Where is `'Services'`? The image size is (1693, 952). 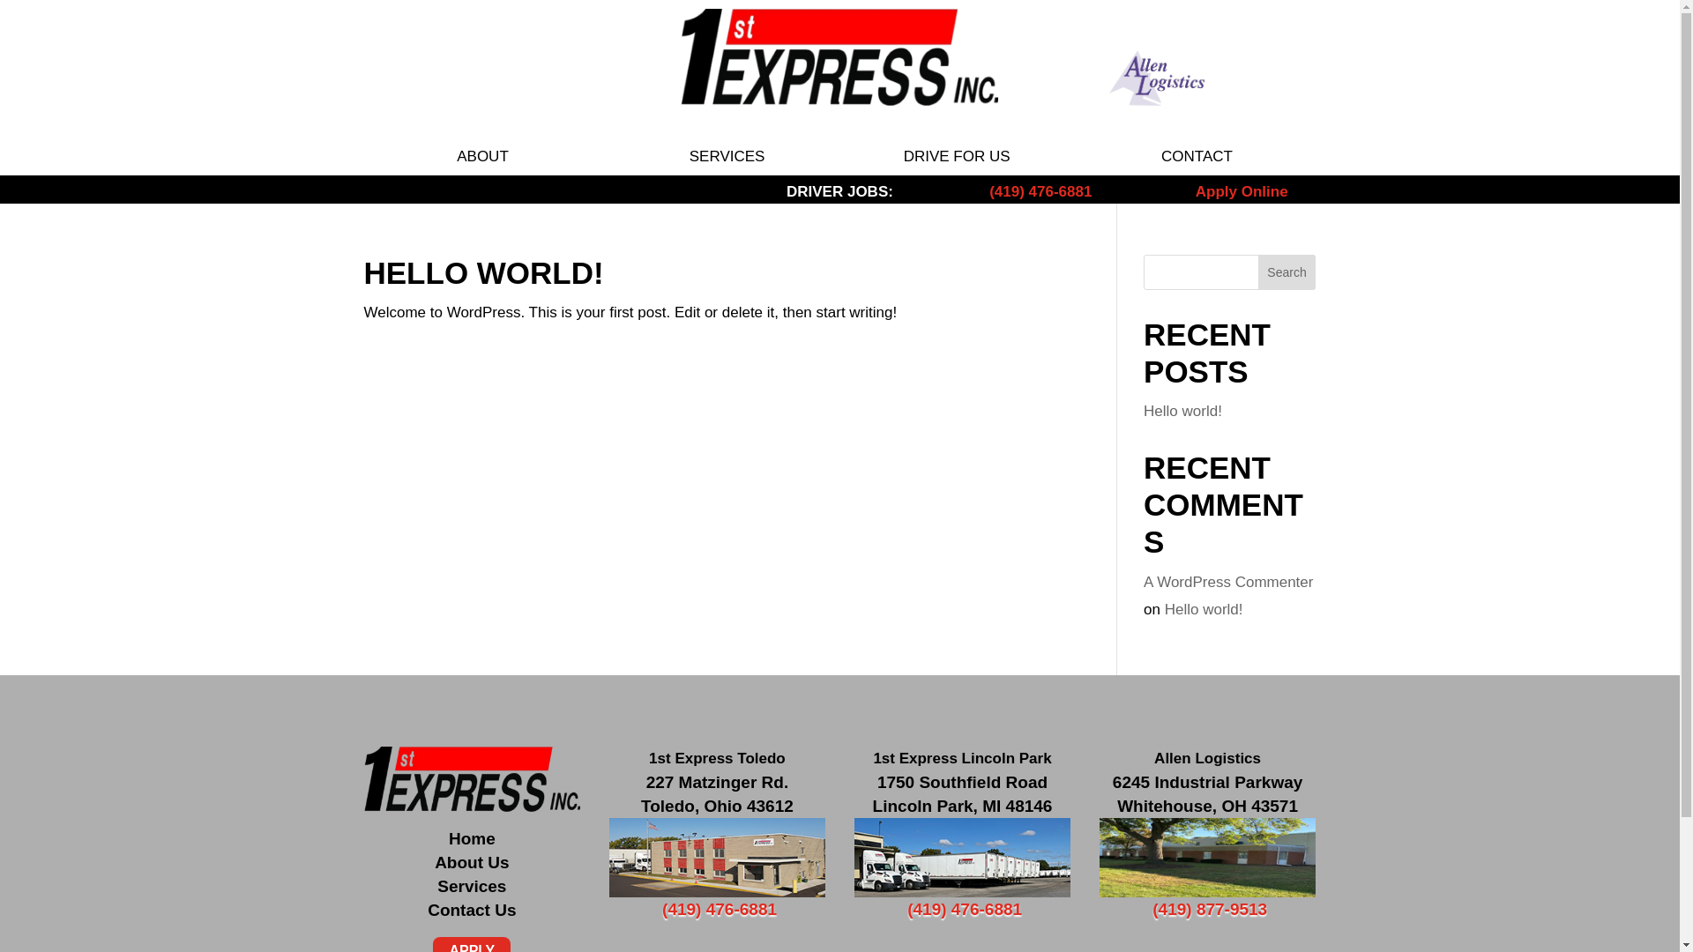
'Services' is located at coordinates (471, 886).